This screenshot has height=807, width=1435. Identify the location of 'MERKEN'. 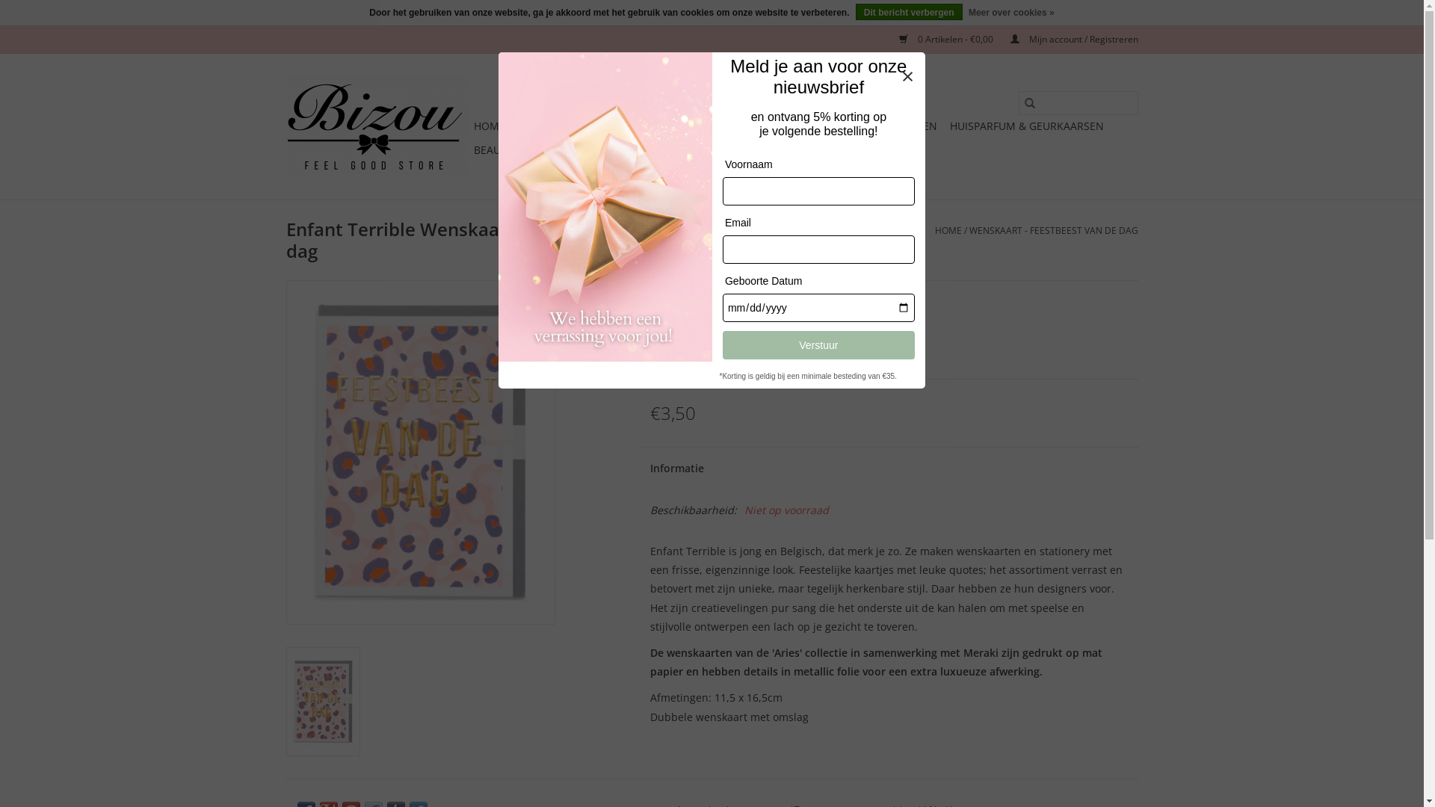
(684, 149).